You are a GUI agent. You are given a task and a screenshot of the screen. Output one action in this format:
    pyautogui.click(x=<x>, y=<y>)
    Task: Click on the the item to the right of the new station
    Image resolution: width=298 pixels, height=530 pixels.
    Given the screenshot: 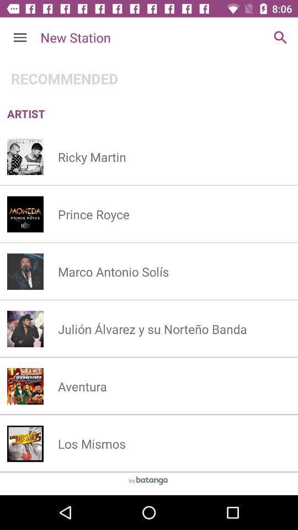 What is the action you would take?
    pyautogui.click(x=280, y=38)
    